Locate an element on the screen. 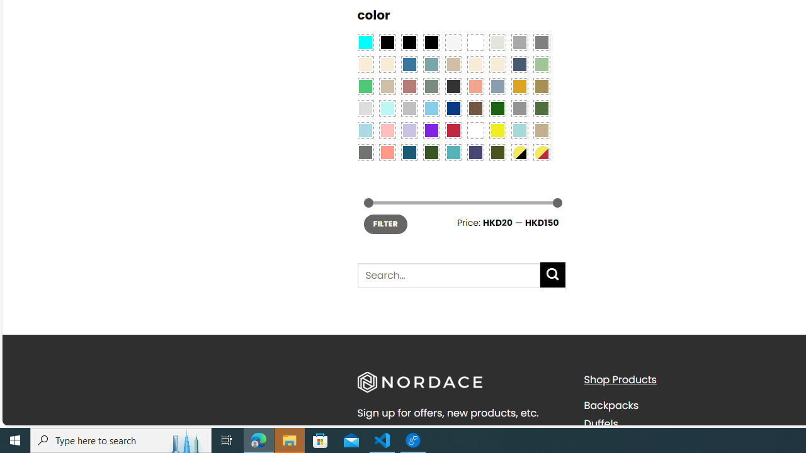  'Brown' is located at coordinates (475, 108).